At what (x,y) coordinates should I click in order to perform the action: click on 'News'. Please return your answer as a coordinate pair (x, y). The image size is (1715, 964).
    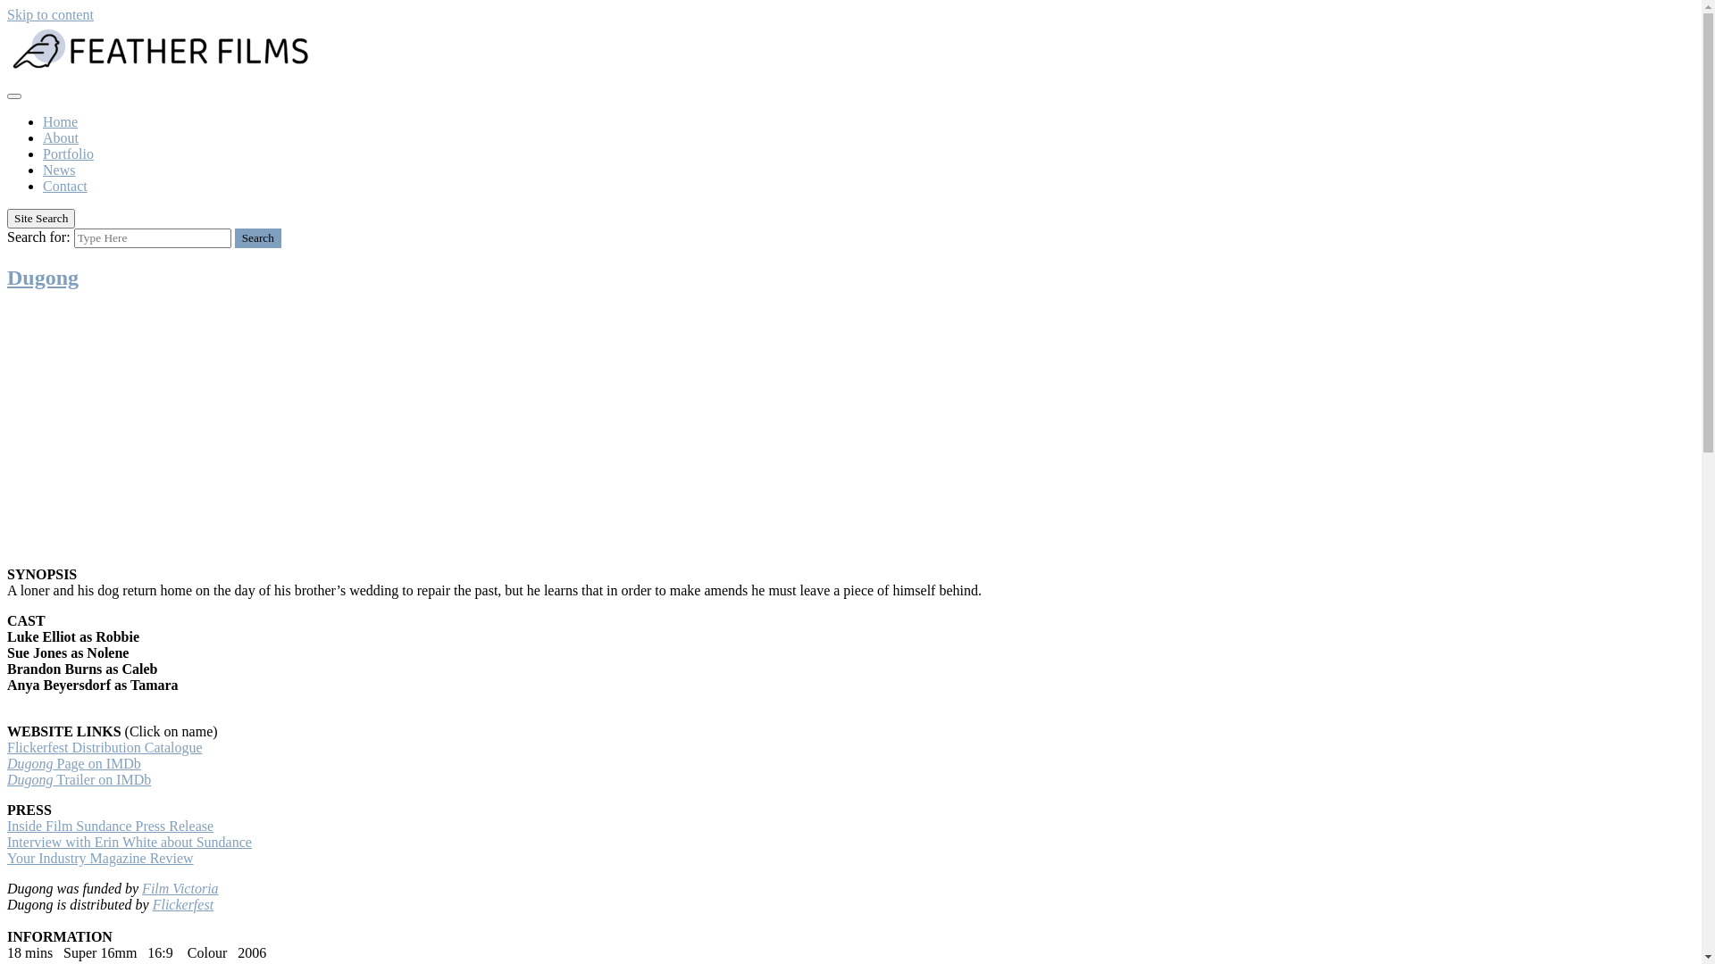
    Looking at the image, I should click on (59, 170).